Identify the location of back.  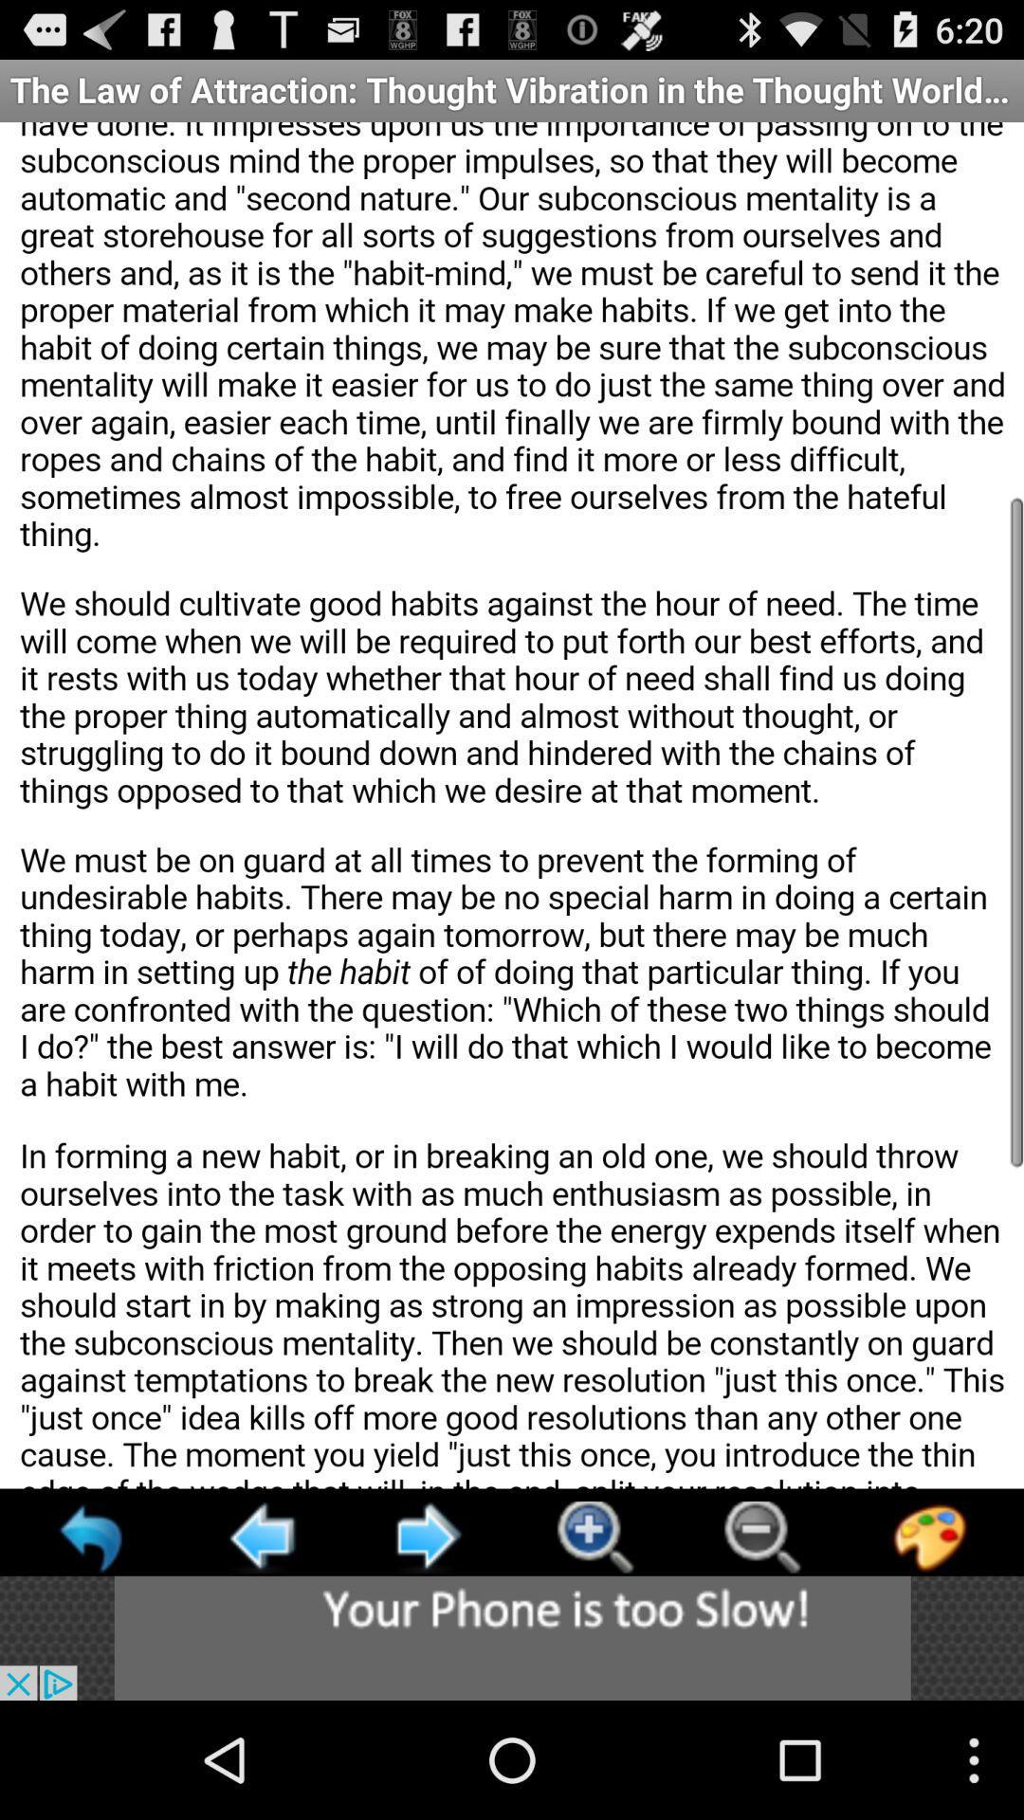
(428, 1537).